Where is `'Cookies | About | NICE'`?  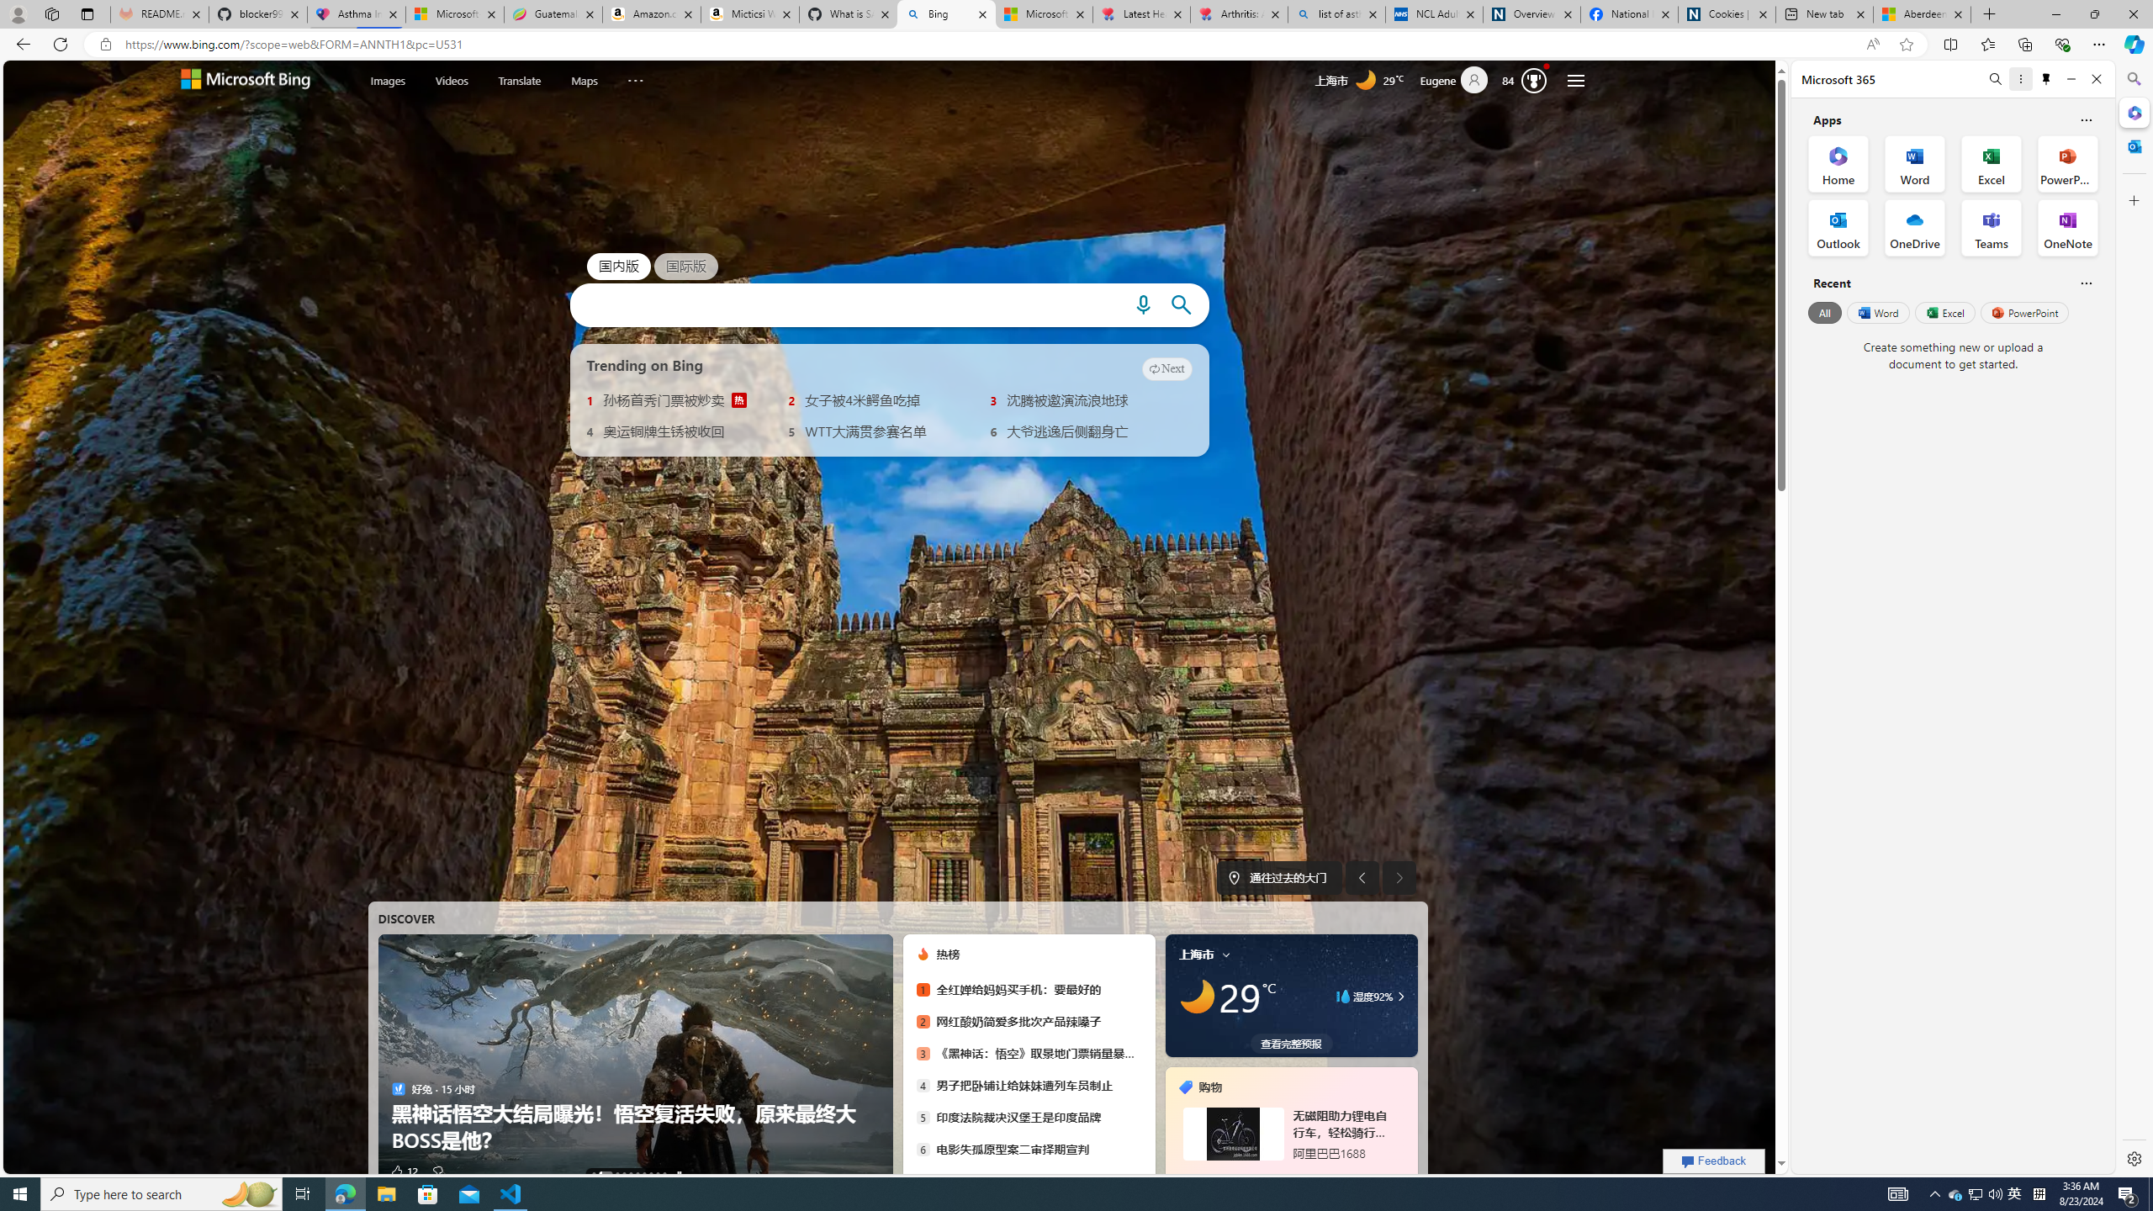
'Cookies | About | NICE' is located at coordinates (1727, 13).